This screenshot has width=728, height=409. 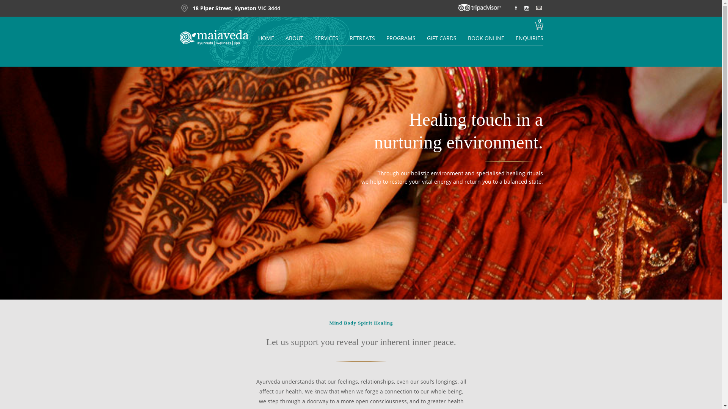 I want to click on ' ', so click(x=482, y=8).